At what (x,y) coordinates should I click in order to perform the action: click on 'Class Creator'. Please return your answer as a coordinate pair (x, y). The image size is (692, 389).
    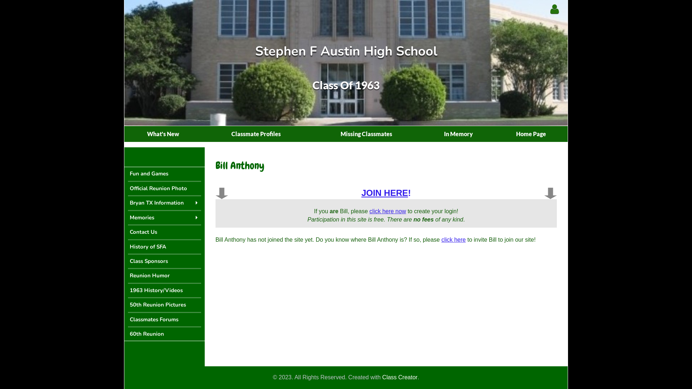
    Looking at the image, I should click on (382, 377).